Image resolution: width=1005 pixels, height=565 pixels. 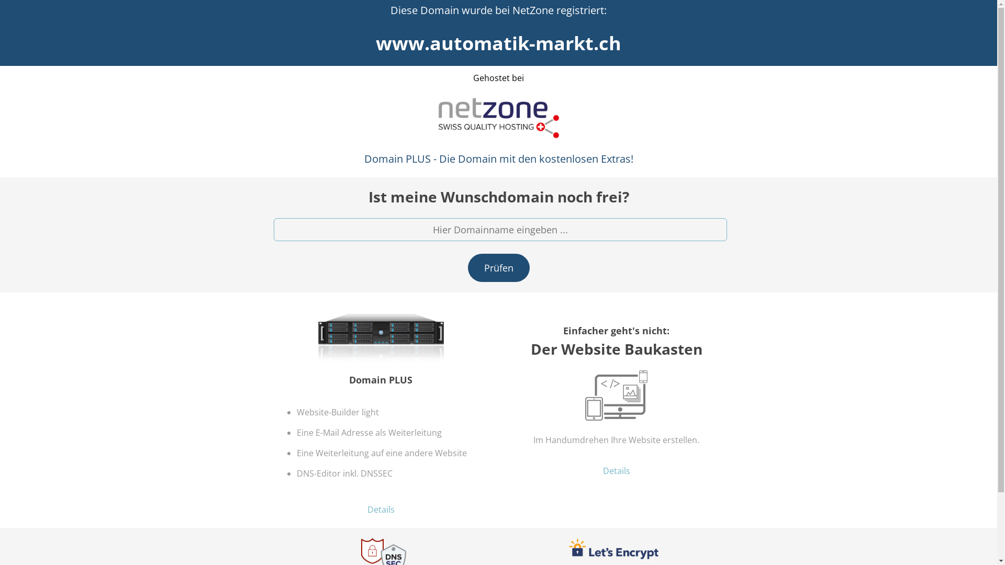 I want to click on 'NetZone AG', so click(x=435, y=118).